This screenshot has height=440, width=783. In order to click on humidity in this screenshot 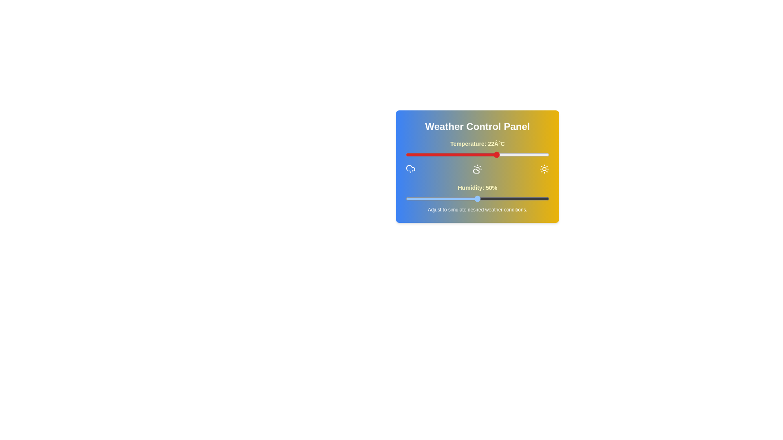, I will do `click(479, 199)`.